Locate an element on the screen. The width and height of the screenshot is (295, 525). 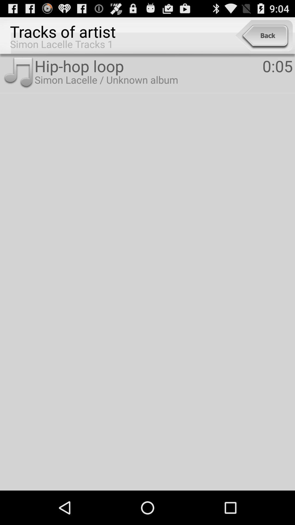
icon to the left of the hip-hop loop item is located at coordinates (18, 72).